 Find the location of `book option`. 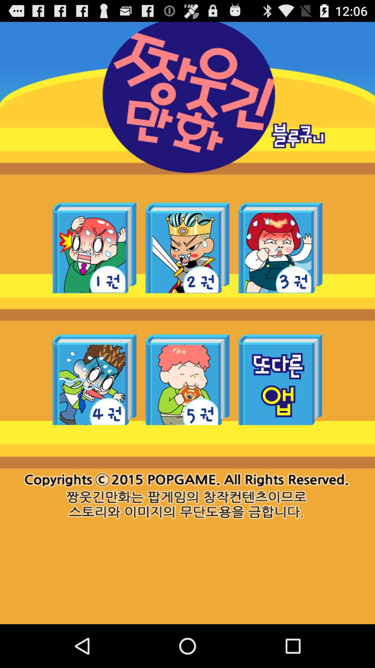

book option is located at coordinates (94, 248).